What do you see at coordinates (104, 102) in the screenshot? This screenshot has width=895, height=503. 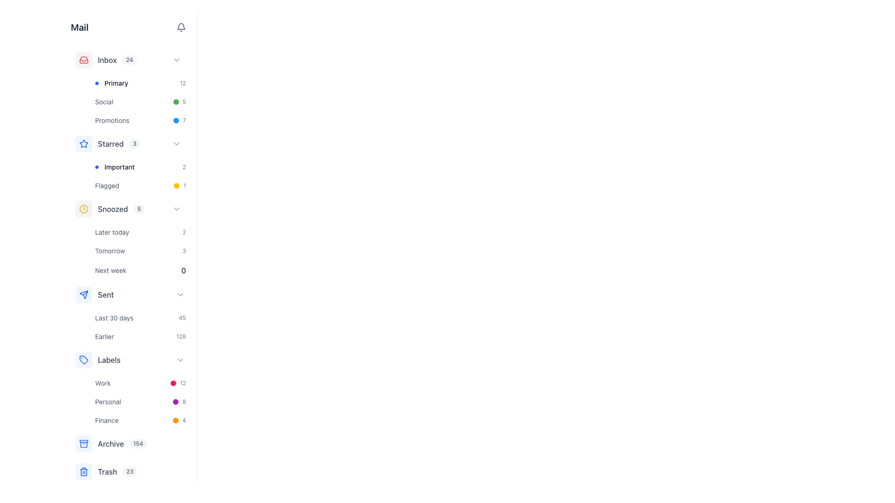 I see `the 'Social' text label located in the 'Inbox' section, between 'Primary' and 'Promotions'` at bounding box center [104, 102].